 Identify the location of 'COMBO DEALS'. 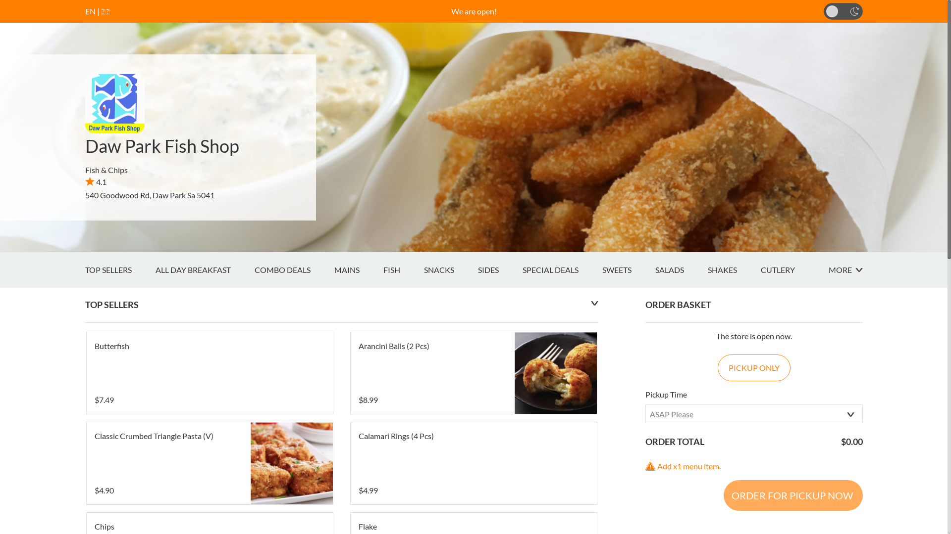
(294, 270).